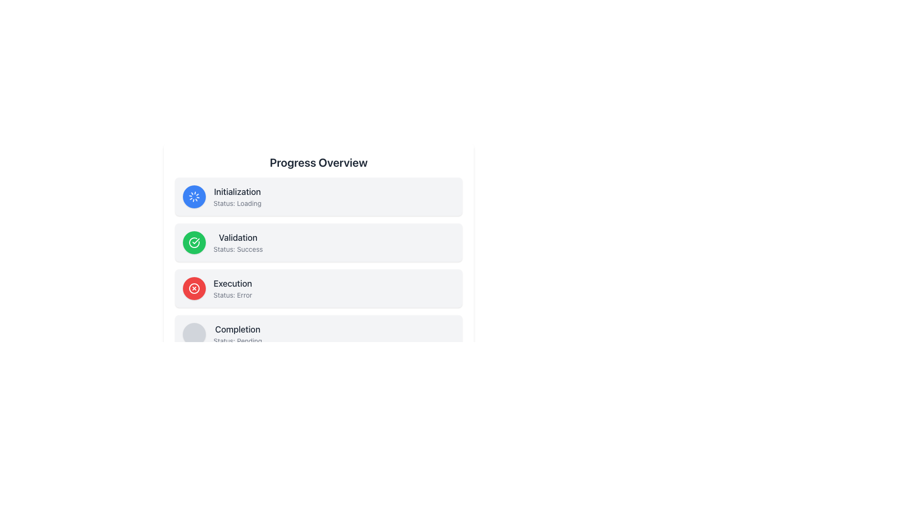 This screenshot has height=516, width=917. I want to click on the fourth item in the vertical stack of progress status indicators under the 'Progress Overview' heading, located at the lower left of the 'Completion' row, so click(222, 333).